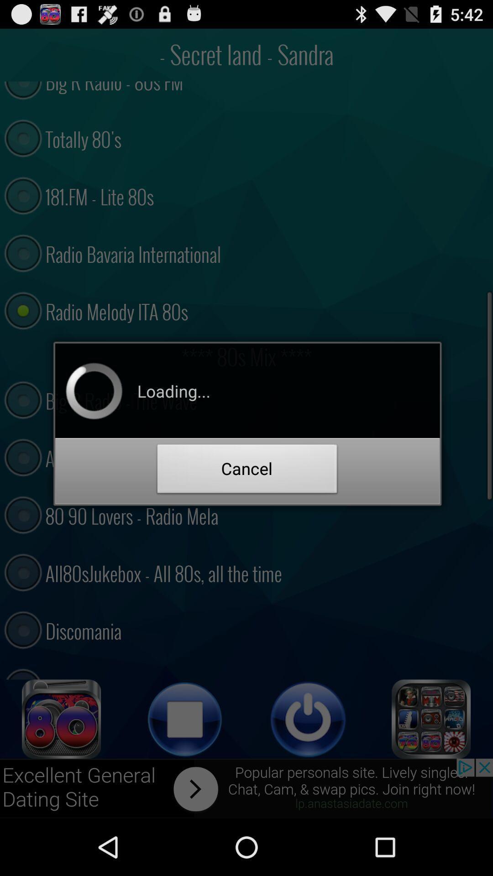 This screenshot has height=876, width=493. Describe the element at coordinates (246, 788) in the screenshot. I see `advertisements image` at that location.